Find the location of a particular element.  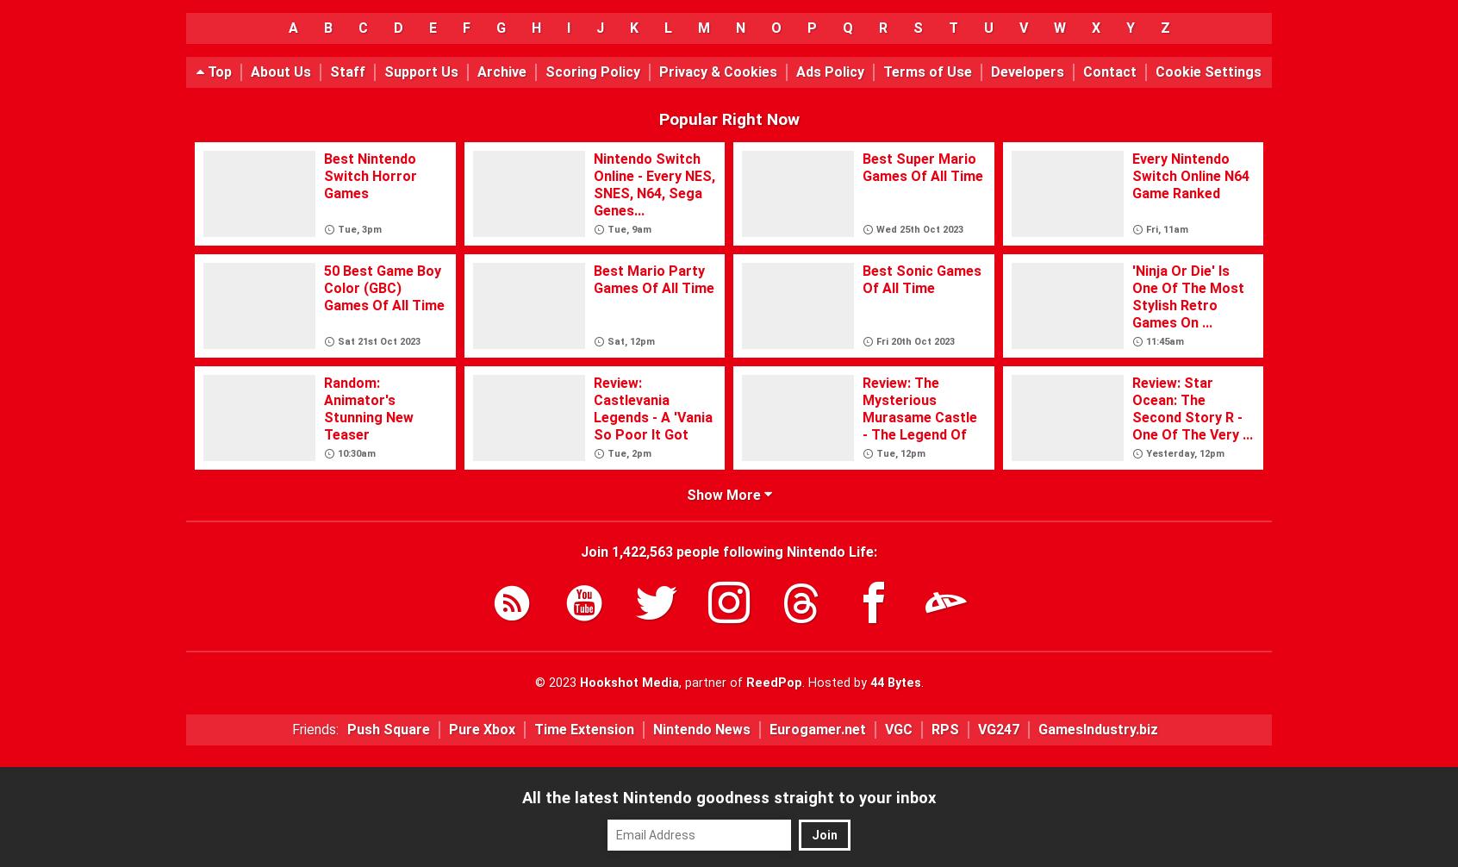

'Nintendo News' is located at coordinates (651, 727).